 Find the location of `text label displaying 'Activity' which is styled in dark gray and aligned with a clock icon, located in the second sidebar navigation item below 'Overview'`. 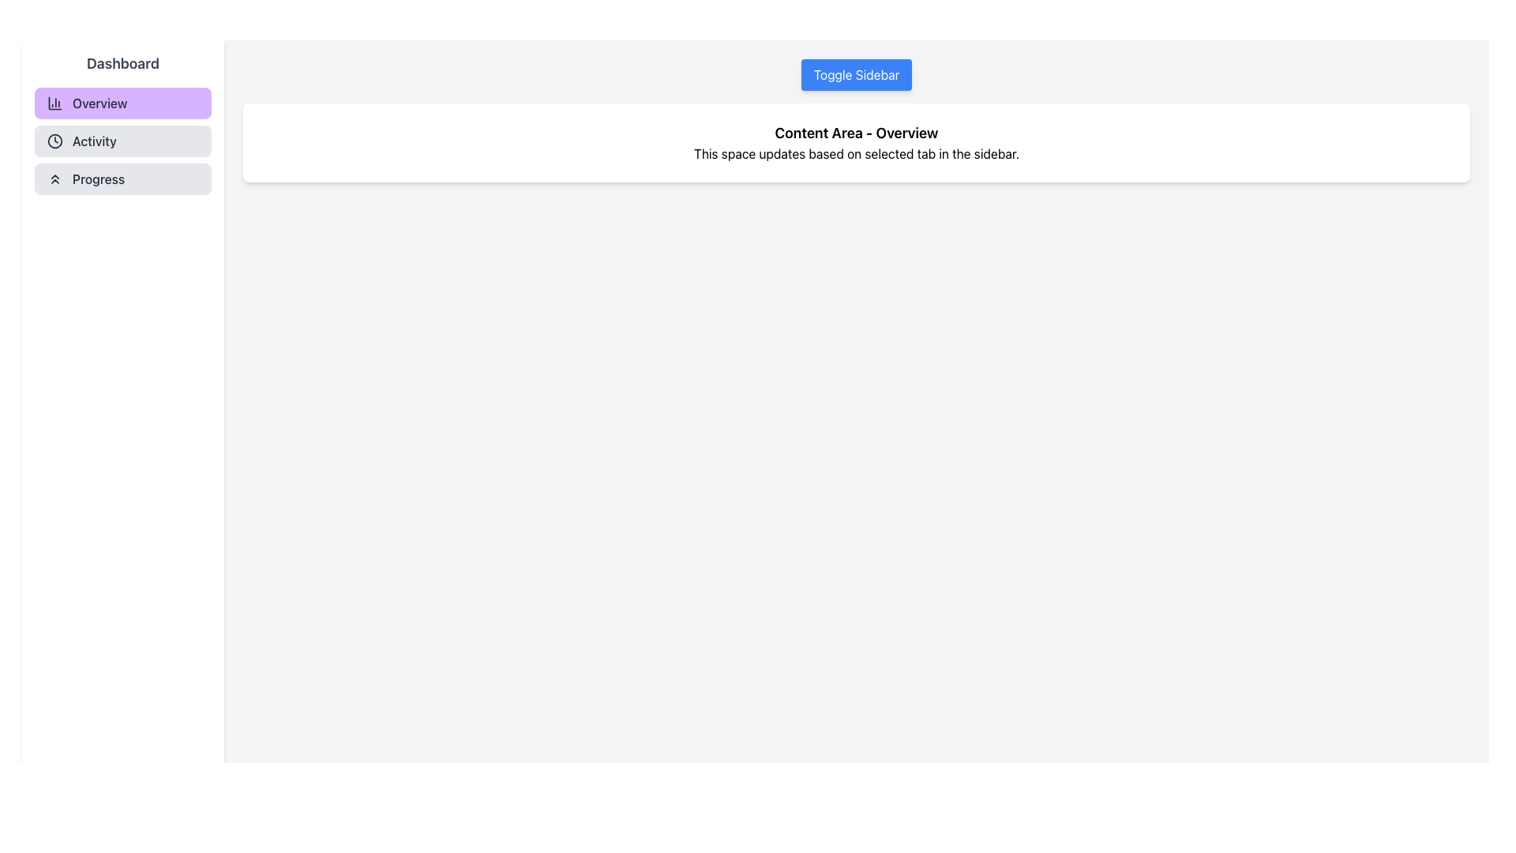

text label displaying 'Activity' which is styled in dark gray and aligned with a clock icon, located in the second sidebar navigation item below 'Overview' is located at coordinates (93, 140).